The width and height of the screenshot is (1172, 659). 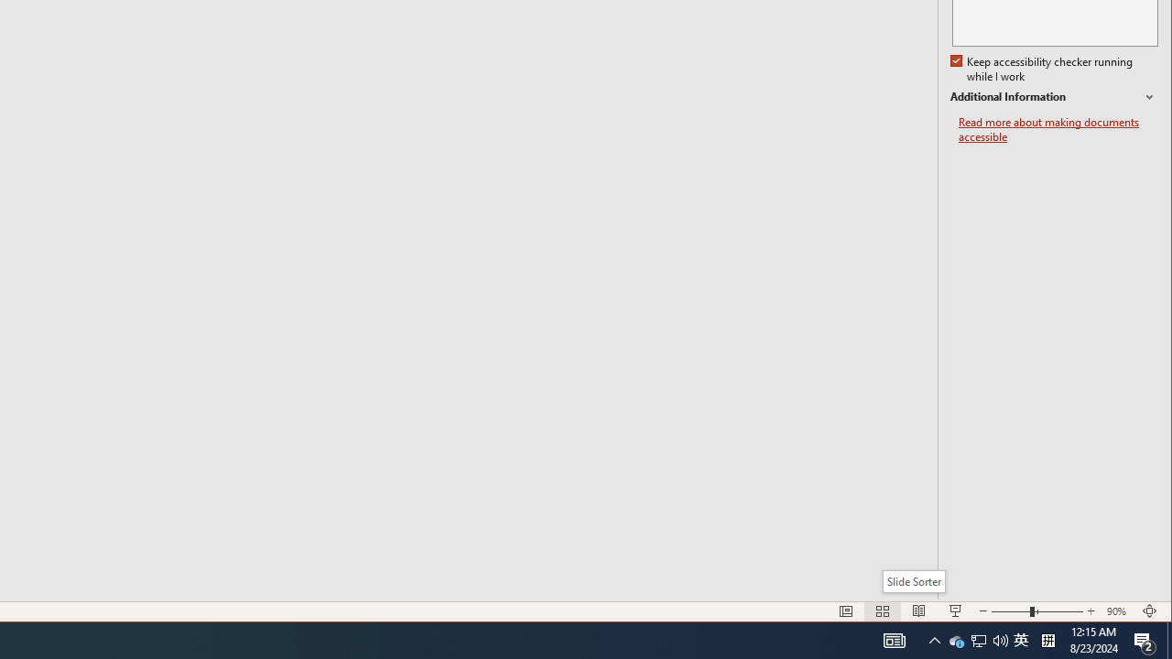 I want to click on 'Additional Information', so click(x=1054, y=97).